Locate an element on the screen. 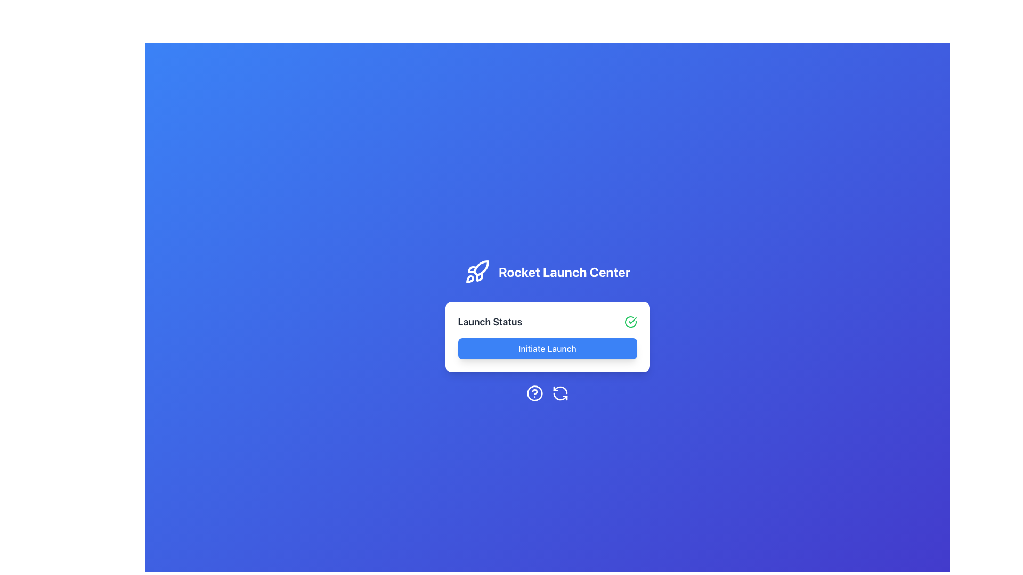 Image resolution: width=1023 pixels, height=575 pixels. the 'Launch Status' text element, which is styled with a bold and larger font, positioned within a white rounded rectangular card with shadow effects against a gradient blue background is located at coordinates (489, 322).